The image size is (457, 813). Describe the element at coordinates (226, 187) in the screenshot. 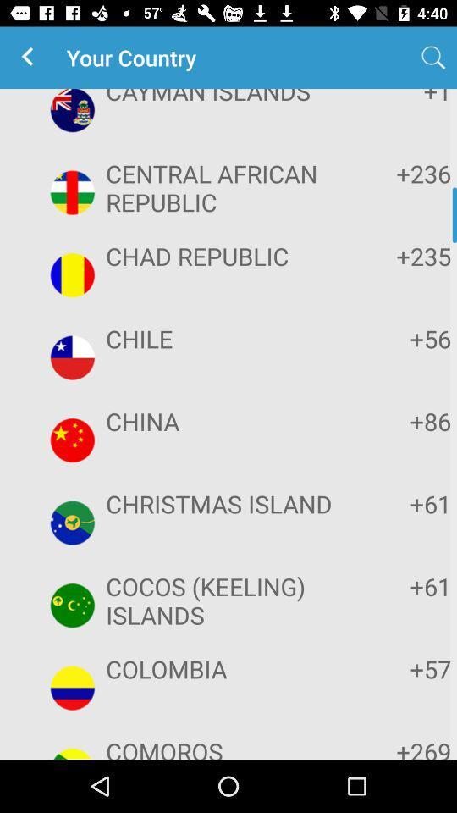

I see `item next to the +236 icon` at that location.